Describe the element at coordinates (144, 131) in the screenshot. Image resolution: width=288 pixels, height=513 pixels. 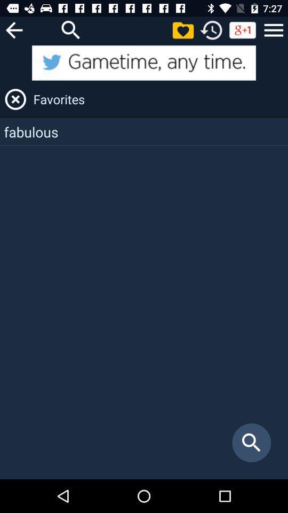
I see `the fabulous item` at that location.